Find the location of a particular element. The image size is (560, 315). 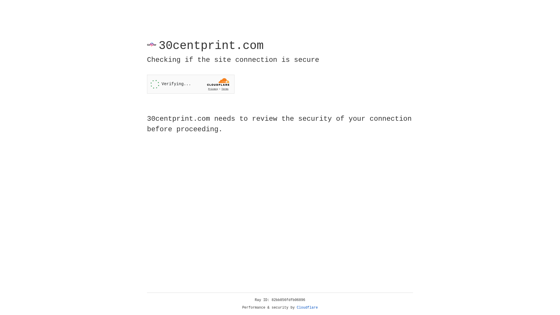

'Widget containing a Cloudflare security challenge' is located at coordinates (190, 84).